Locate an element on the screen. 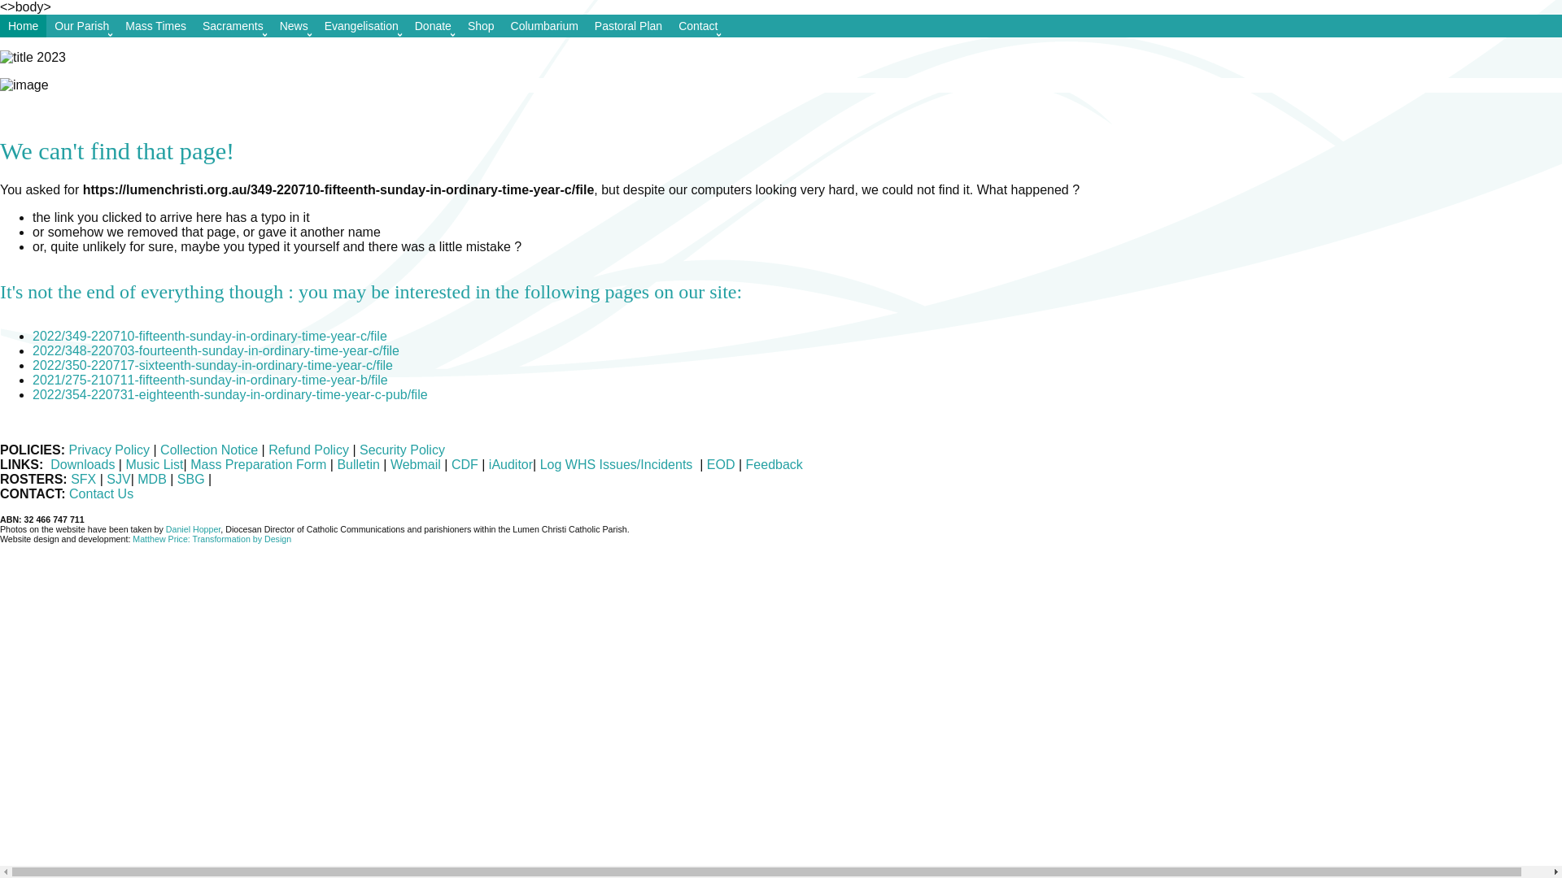 Image resolution: width=1562 pixels, height=878 pixels. 'Columbarium' is located at coordinates (544, 25).